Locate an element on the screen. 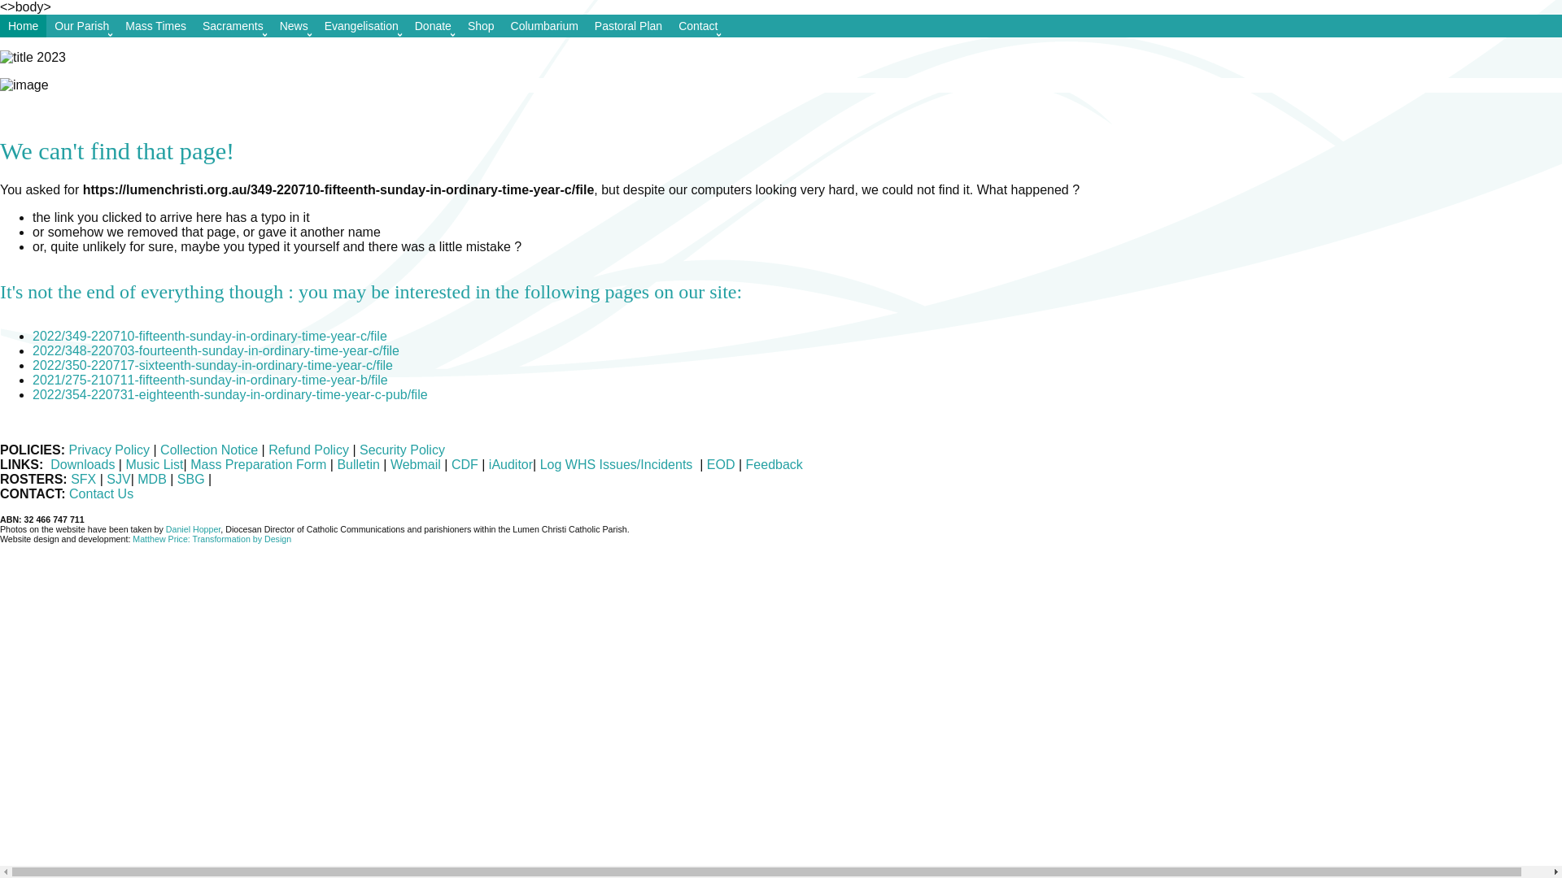 Image resolution: width=1562 pixels, height=878 pixels. 'Columbarium' is located at coordinates (544, 25).